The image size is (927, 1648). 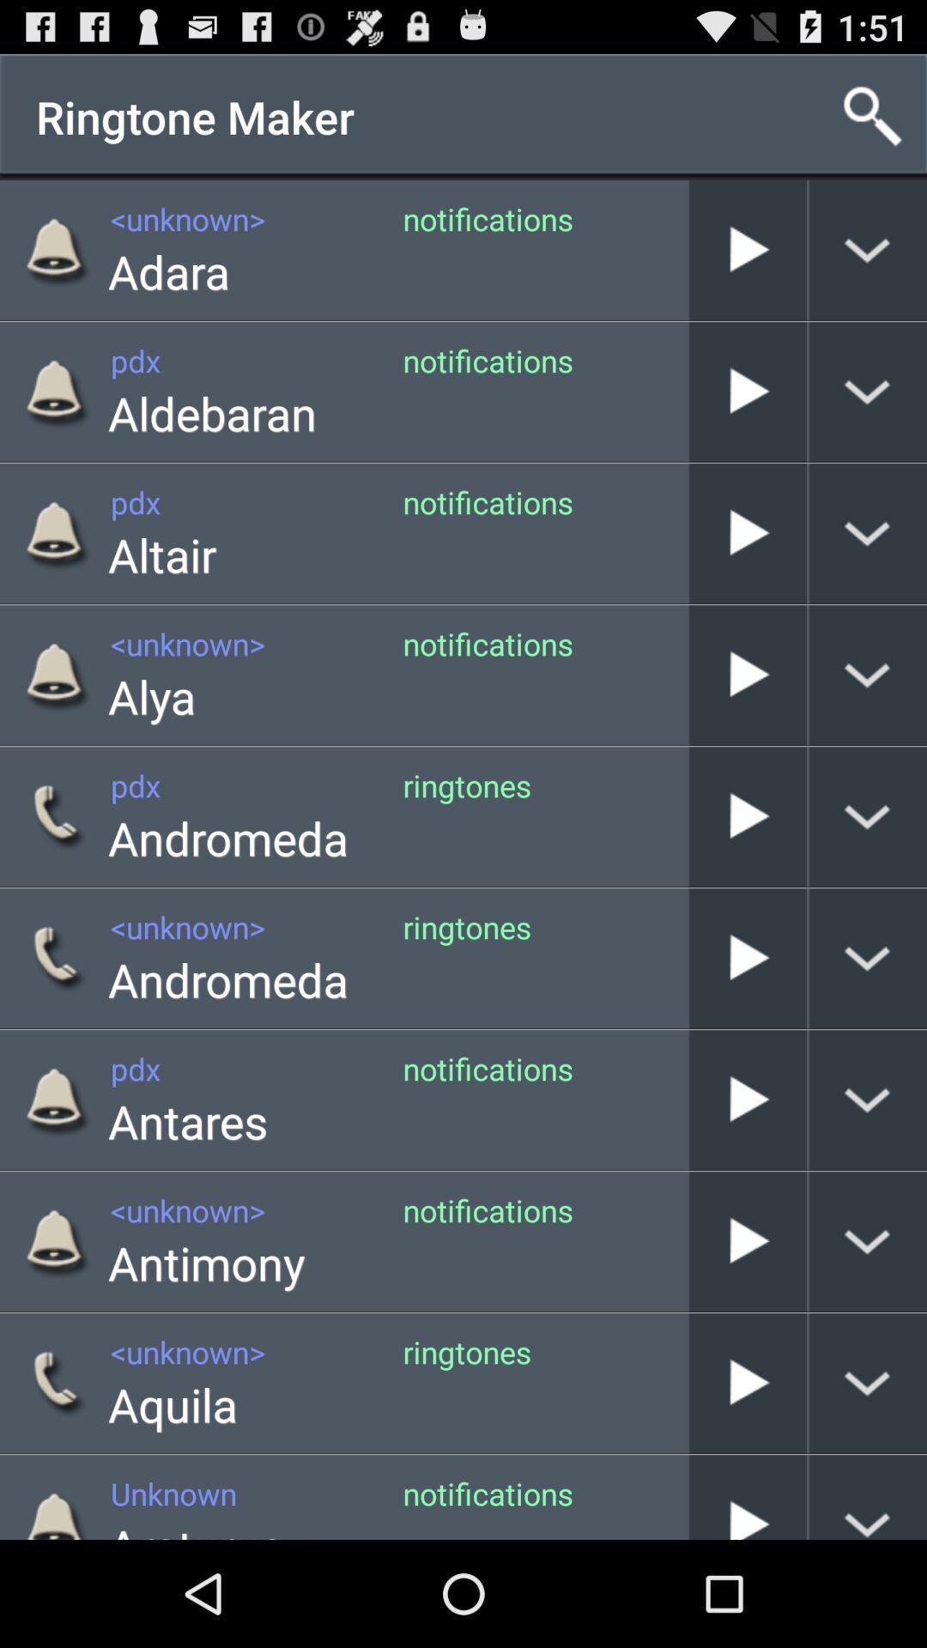 What do you see at coordinates (747, 957) in the screenshot?
I see `autoplay option` at bounding box center [747, 957].